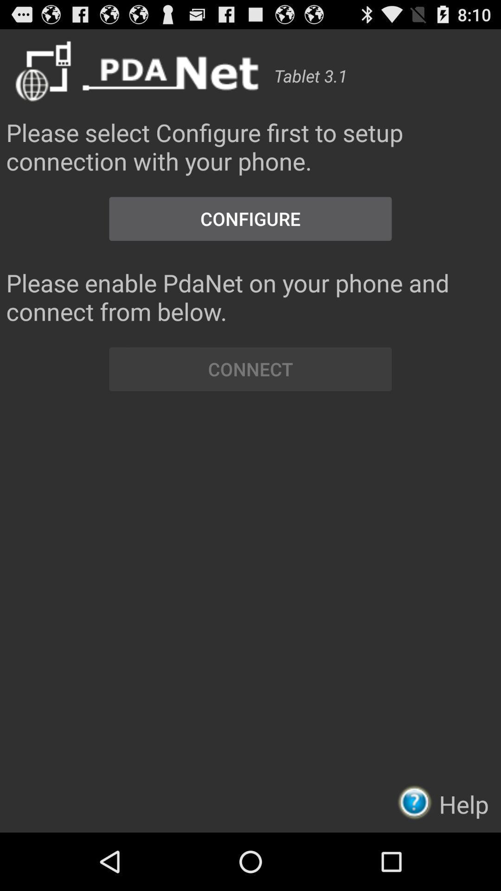  Describe the element at coordinates (417, 801) in the screenshot. I see `item next to help icon` at that location.